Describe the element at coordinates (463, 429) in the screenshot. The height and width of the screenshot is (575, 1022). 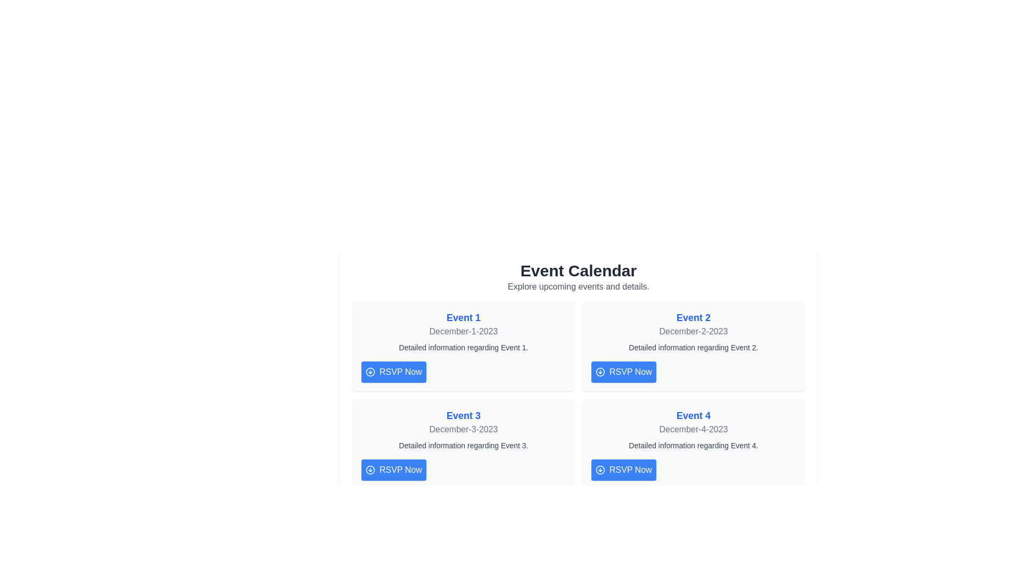
I see `the text label that provides the date information for 'Event 3', positioned below the title and above the description text` at that location.